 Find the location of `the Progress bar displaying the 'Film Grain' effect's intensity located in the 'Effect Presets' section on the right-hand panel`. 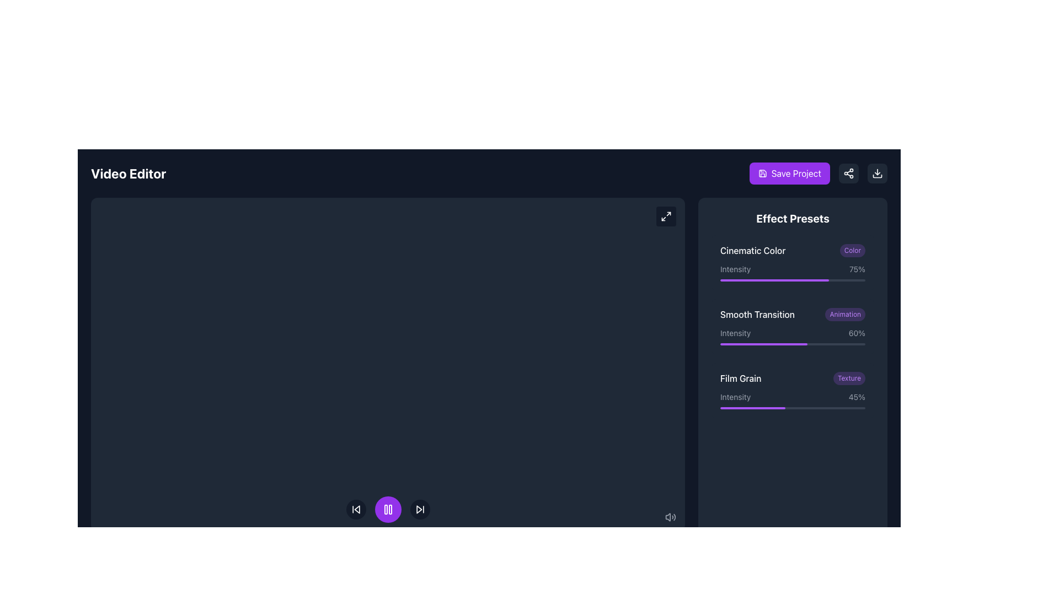

the Progress bar displaying the 'Film Grain' effect's intensity located in the 'Effect Presets' section on the right-hand panel is located at coordinates (792, 400).